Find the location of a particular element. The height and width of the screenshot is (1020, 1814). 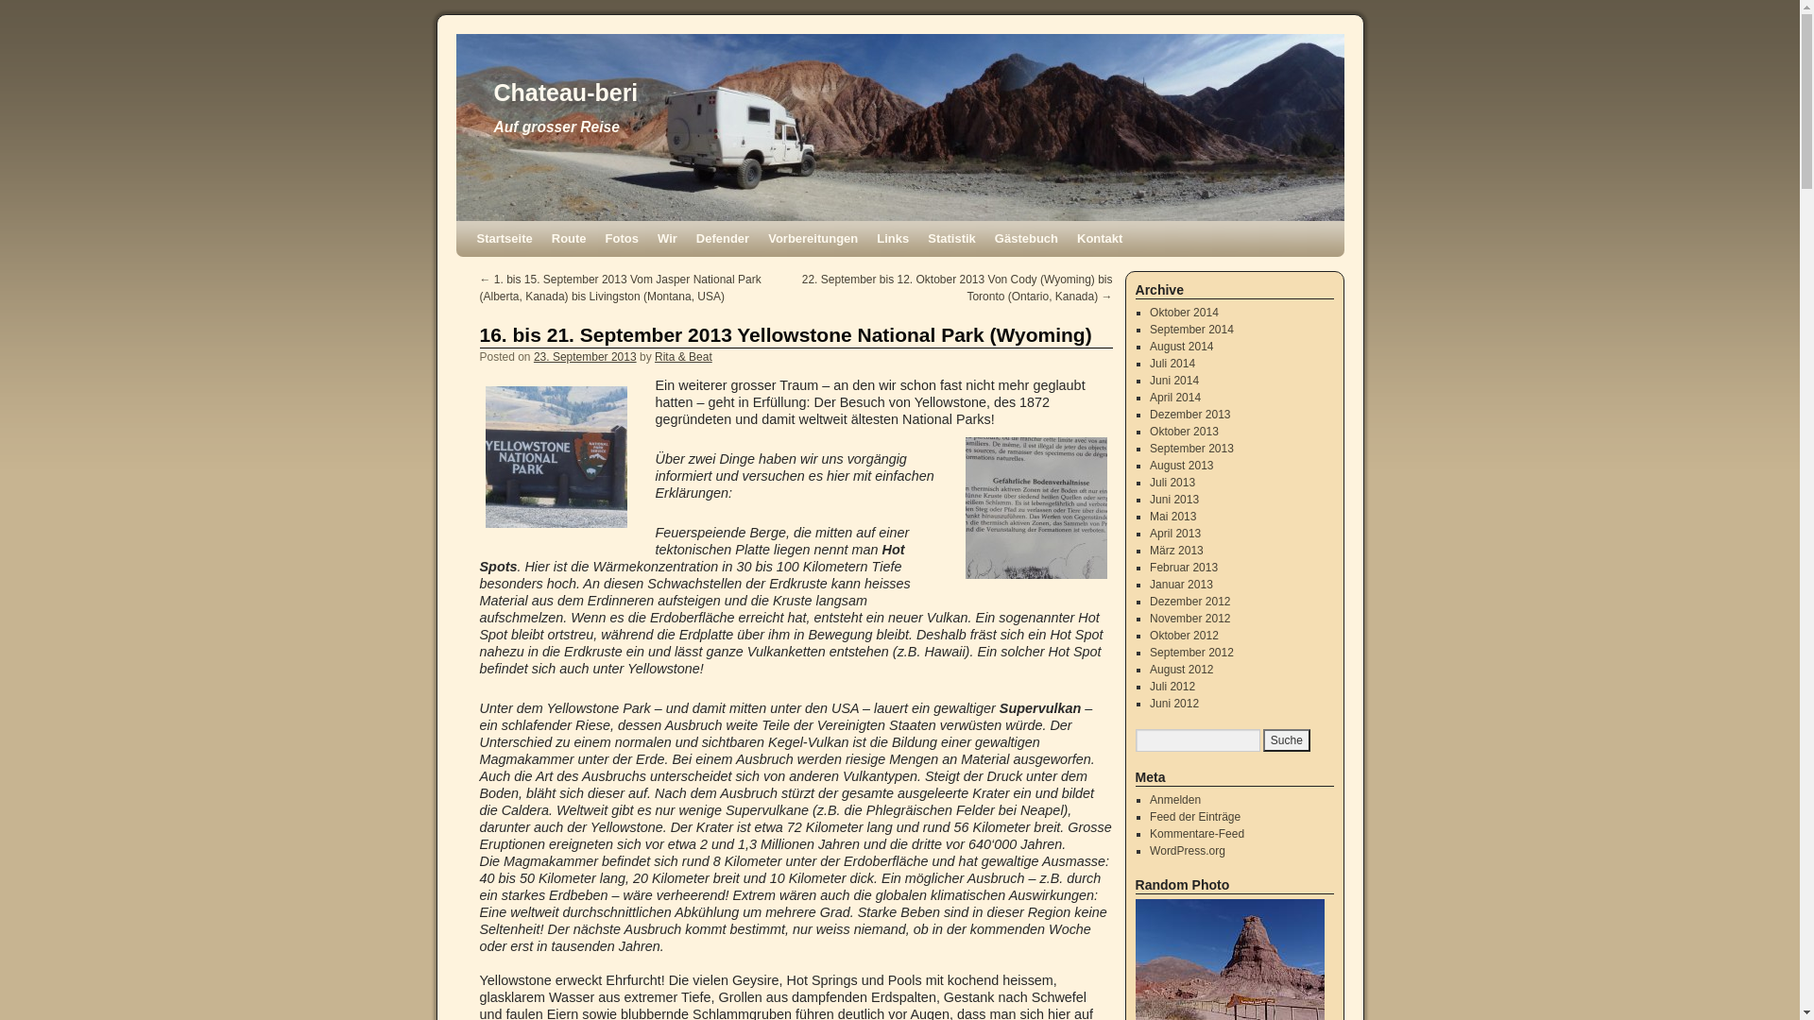

'April 2014' is located at coordinates (1149, 396).